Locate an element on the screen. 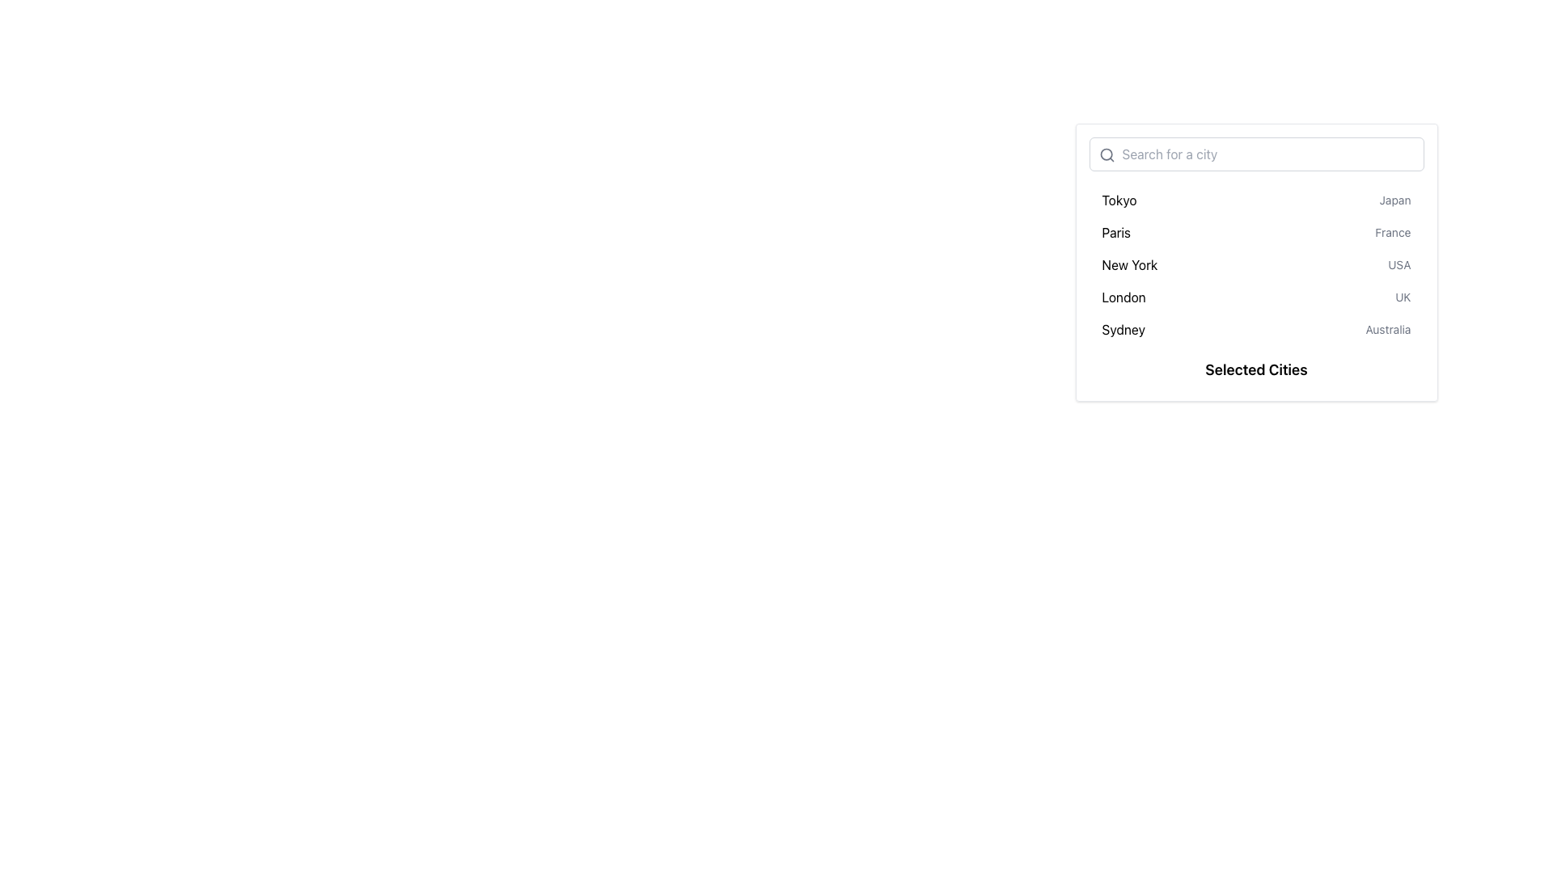  the Text Label displaying the word 'Paris' in bold black text, which is located in the left column of a two-column layout, specifically in the second position of a vertical list of city names is located at coordinates (1115, 233).